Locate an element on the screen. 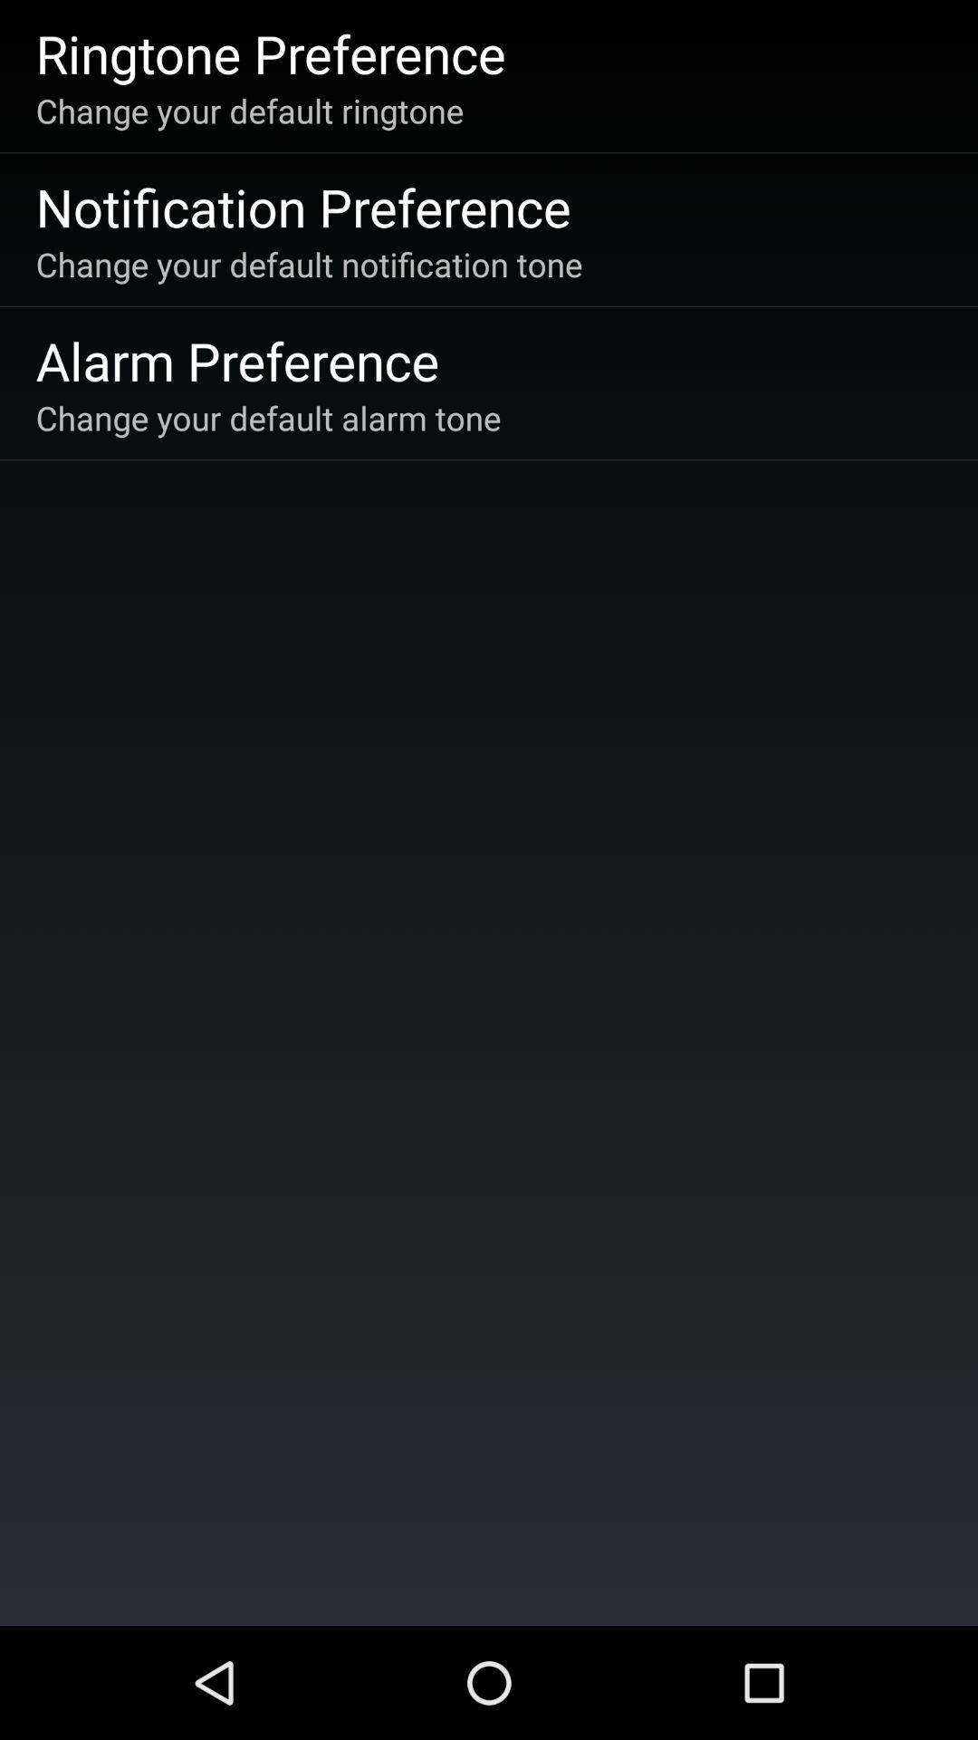  ringtone preference app is located at coordinates (271, 53).